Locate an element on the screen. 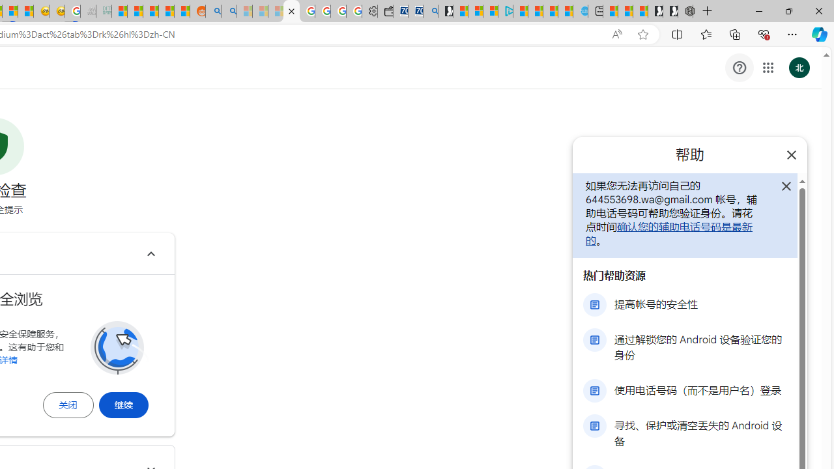 The image size is (834, 469). 'Cheap Car Rentals - Save70.com' is located at coordinates (415, 11).